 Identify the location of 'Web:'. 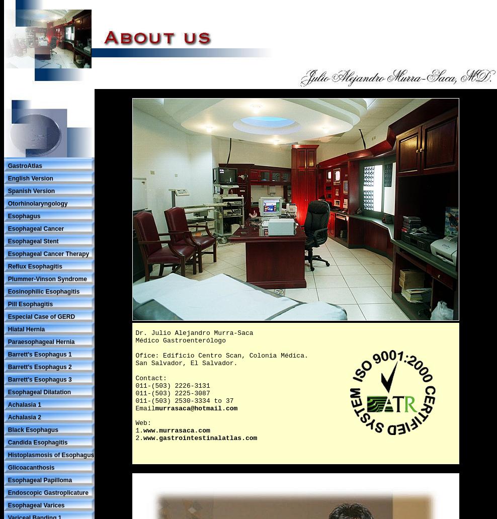
(135, 423).